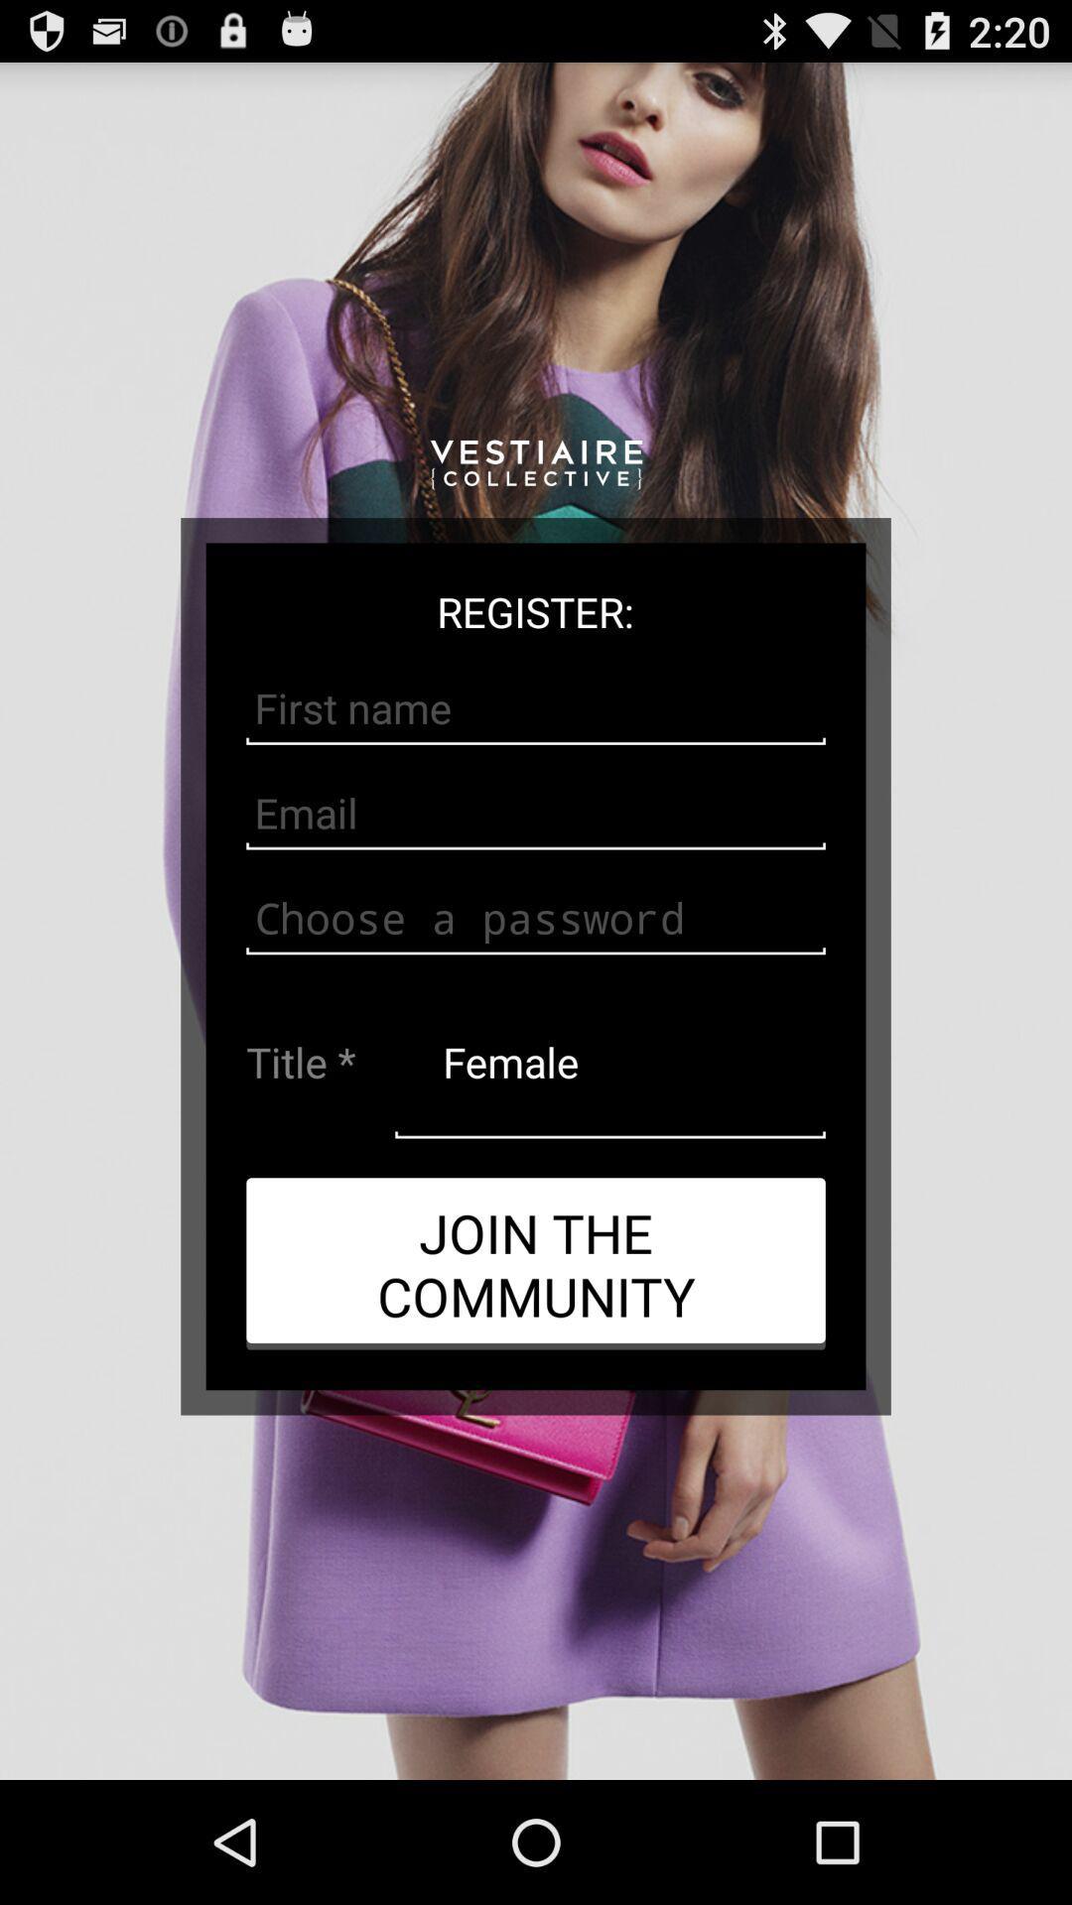  What do you see at coordinates (536, 1262) in the screenshot?
I see `app below female app` at bounding box center [536, 1262].